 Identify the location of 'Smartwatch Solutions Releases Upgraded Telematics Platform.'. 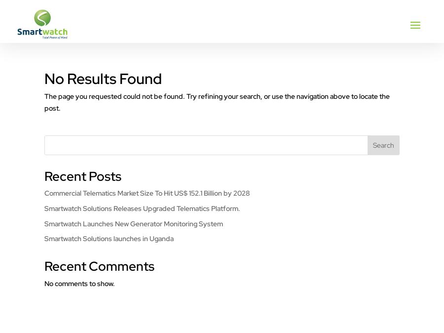
(142, 207).